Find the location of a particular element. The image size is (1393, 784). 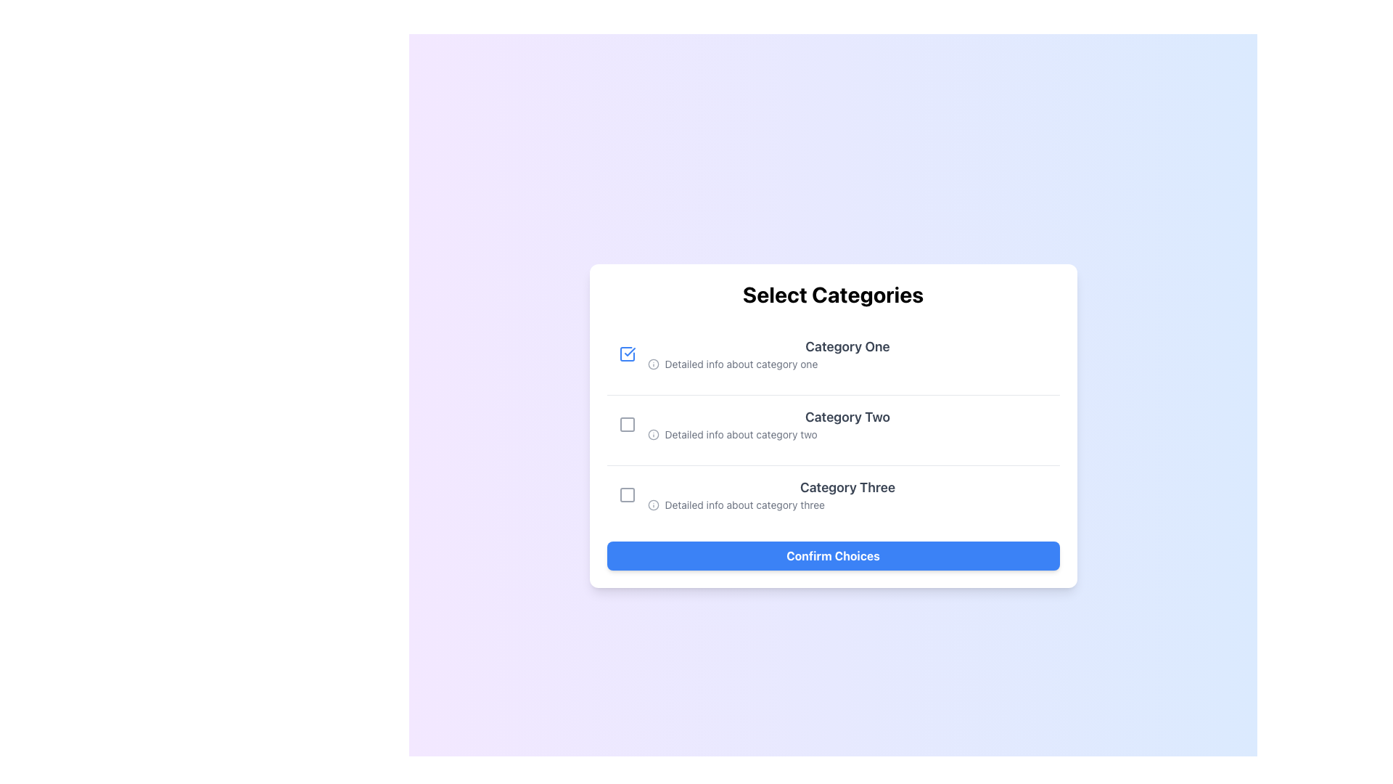

informational text 'Category One' and its description 'Detailed info about category one' located in the dialog box labeled 'Select Categories', positioned to the right of the category selection checkbox is located at coordinates (847, 354).